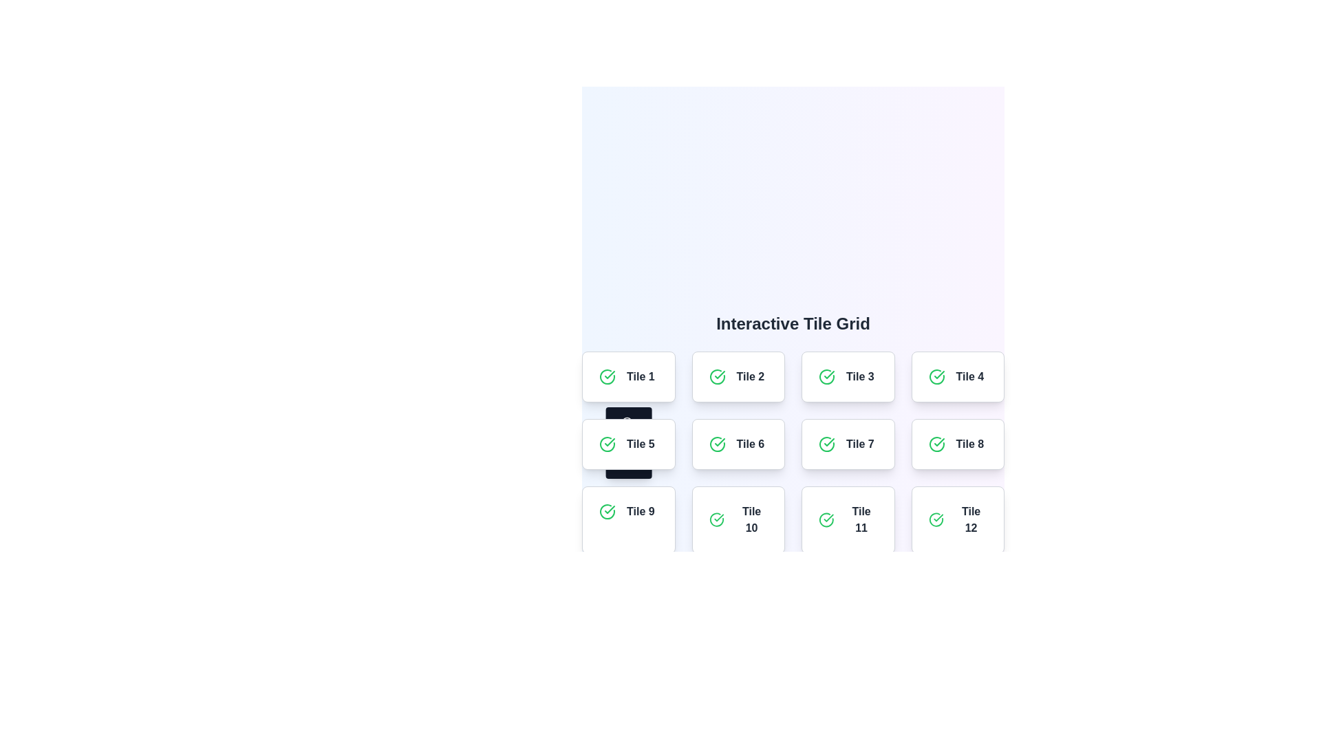 The height and width of the screenshot is (743, 1321). What do you see at coordinates (861, 520) in the screenshot?
I see `the Text label in the bottom row of the grid layout, specifically in the third column` at bounding box center [861, 520].